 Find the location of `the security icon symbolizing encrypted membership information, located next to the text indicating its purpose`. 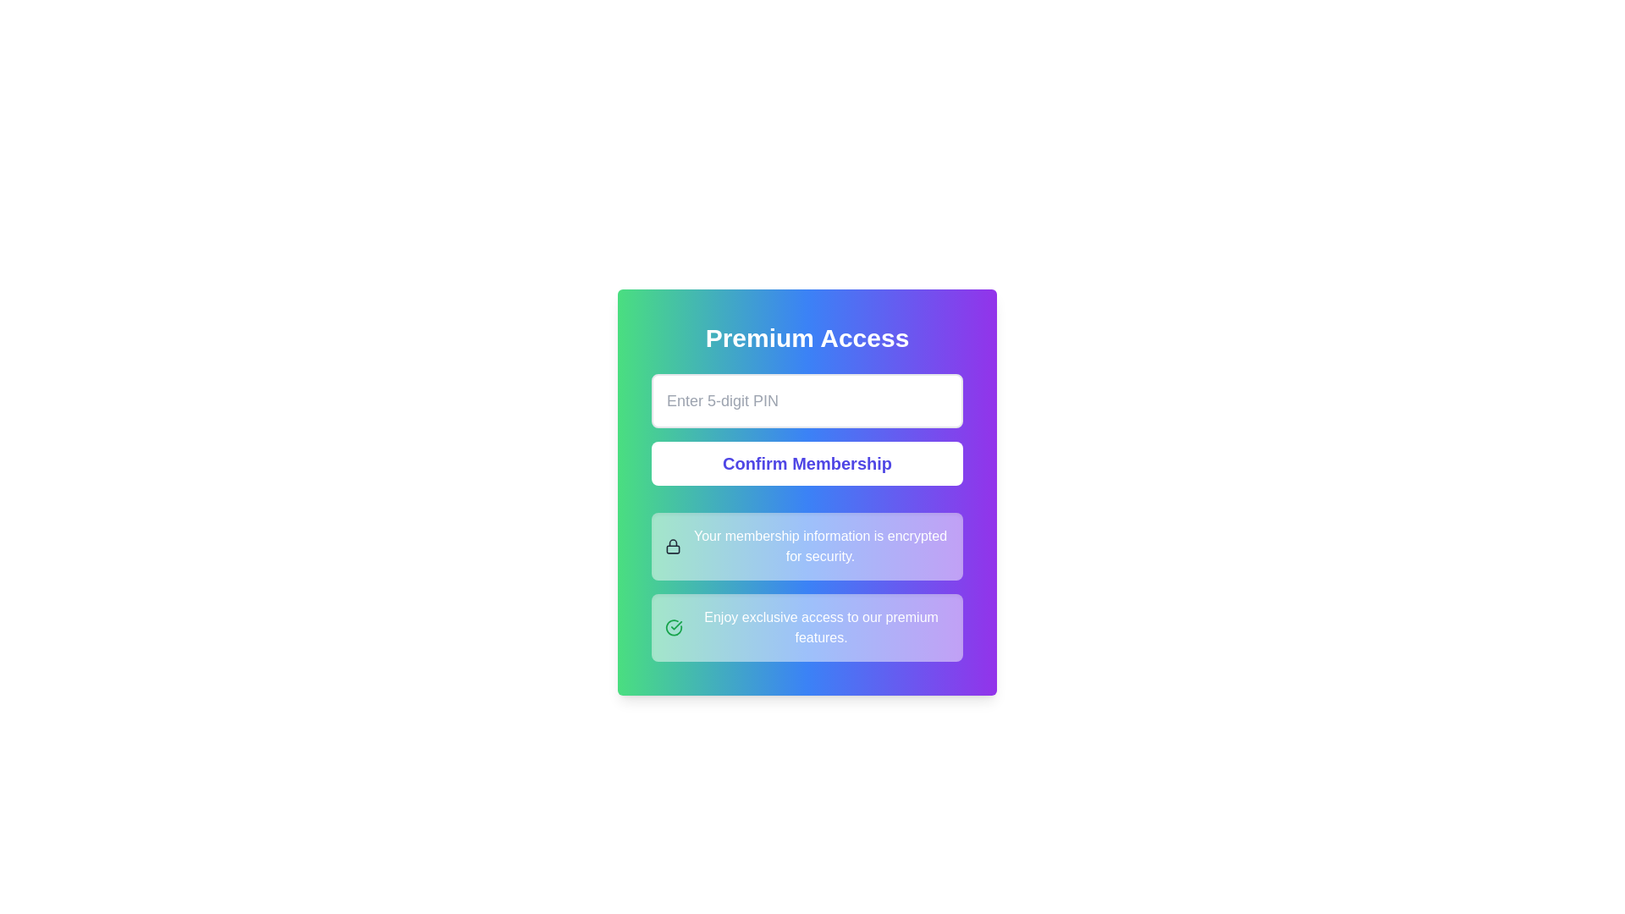

the security icon symbolizing encrypted membership information, located next to the text indicating its purpose is located at coordinates (672, 546).